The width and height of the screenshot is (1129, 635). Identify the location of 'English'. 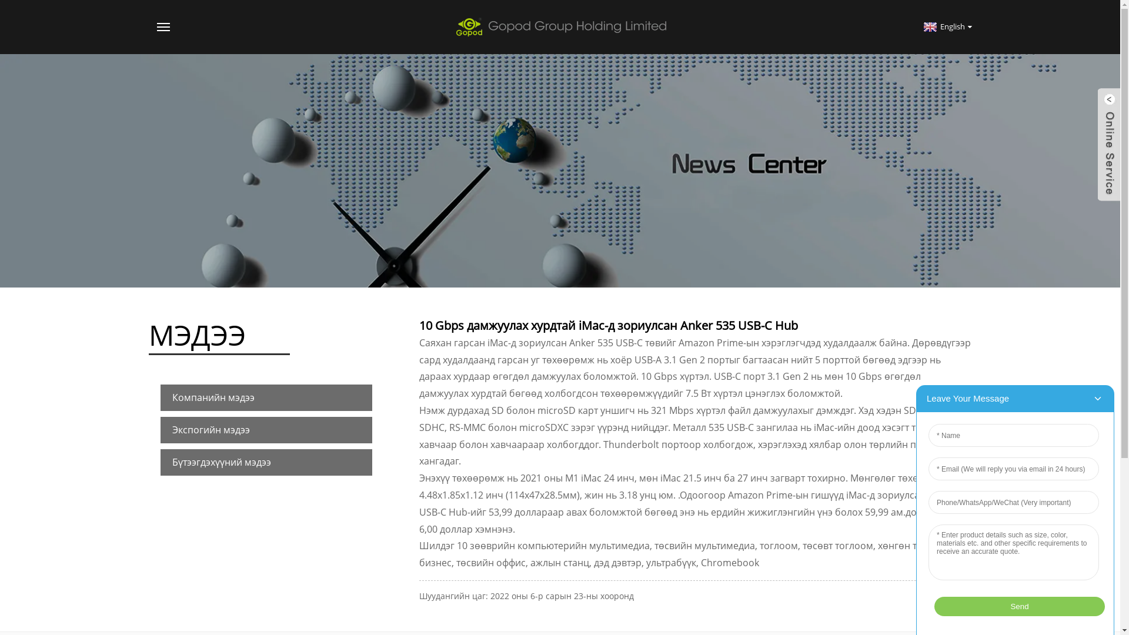
(946, 26).